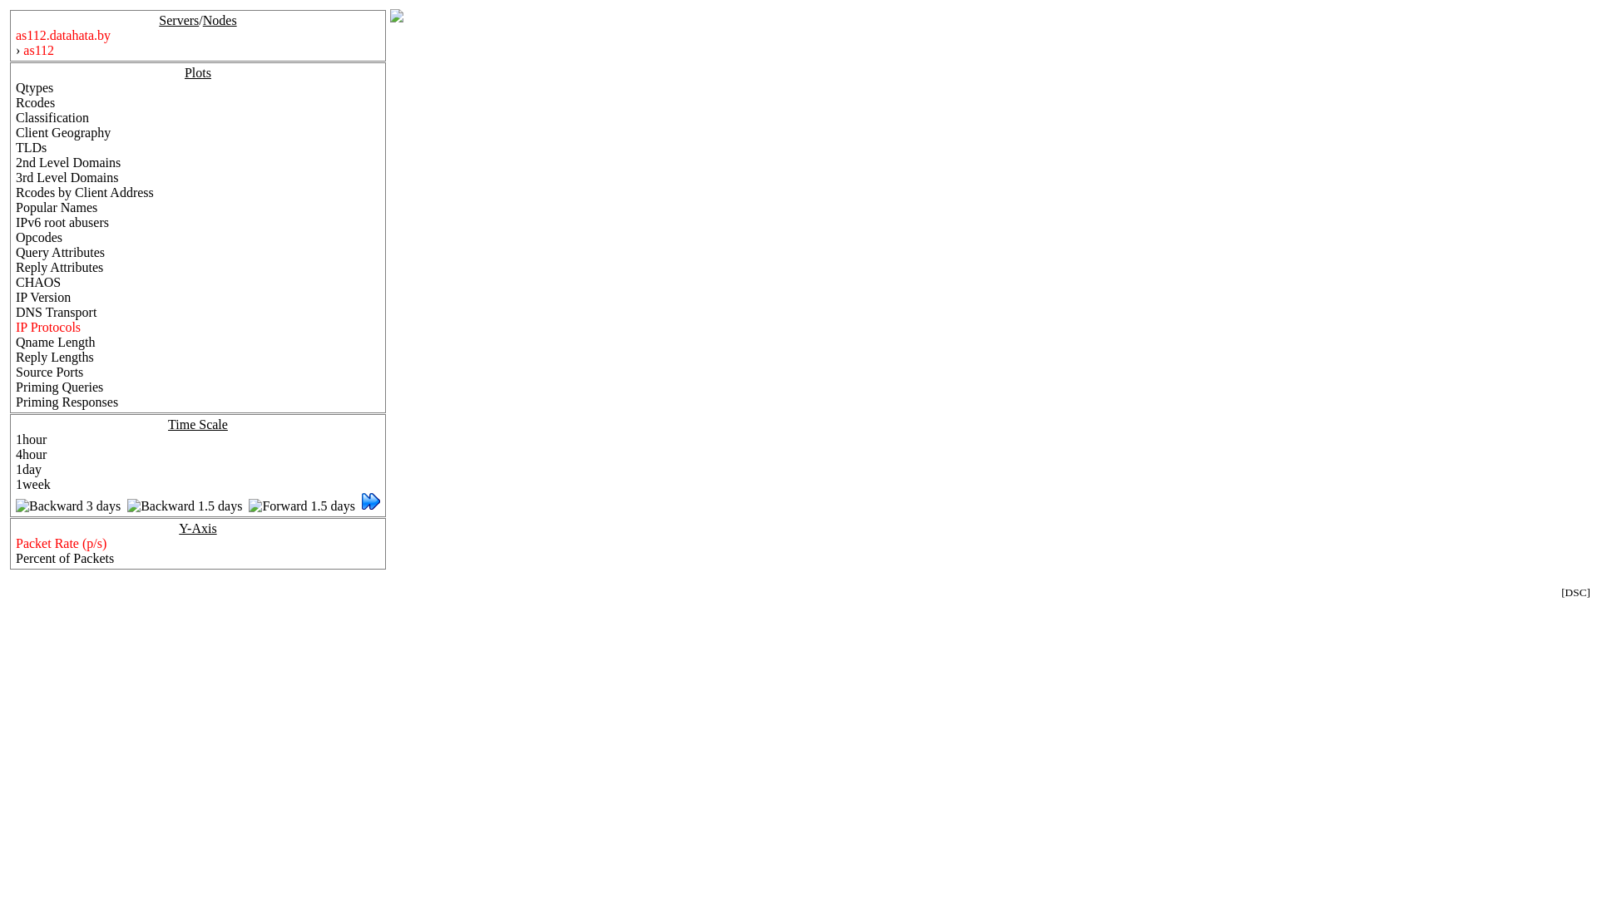 This screenshot has width=1597, height=898. I want to click on 'Reply Attributes', so click(59, 266).